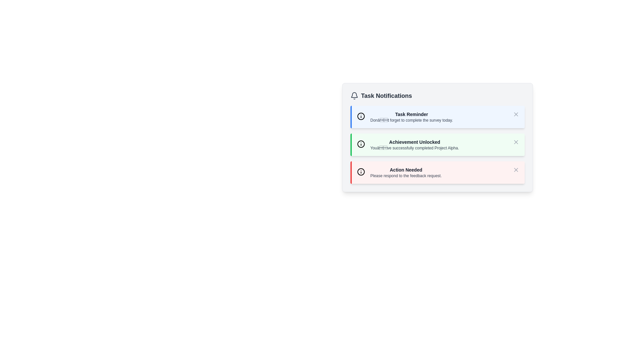 This screenshot has height=357, width=636. Describe the element at coordinates (360, 143) in the screenshot. I see `the circular icon with a black outline located to the left of the 'Achievement Unlocked' notification, which indicates an informative point` at that location.